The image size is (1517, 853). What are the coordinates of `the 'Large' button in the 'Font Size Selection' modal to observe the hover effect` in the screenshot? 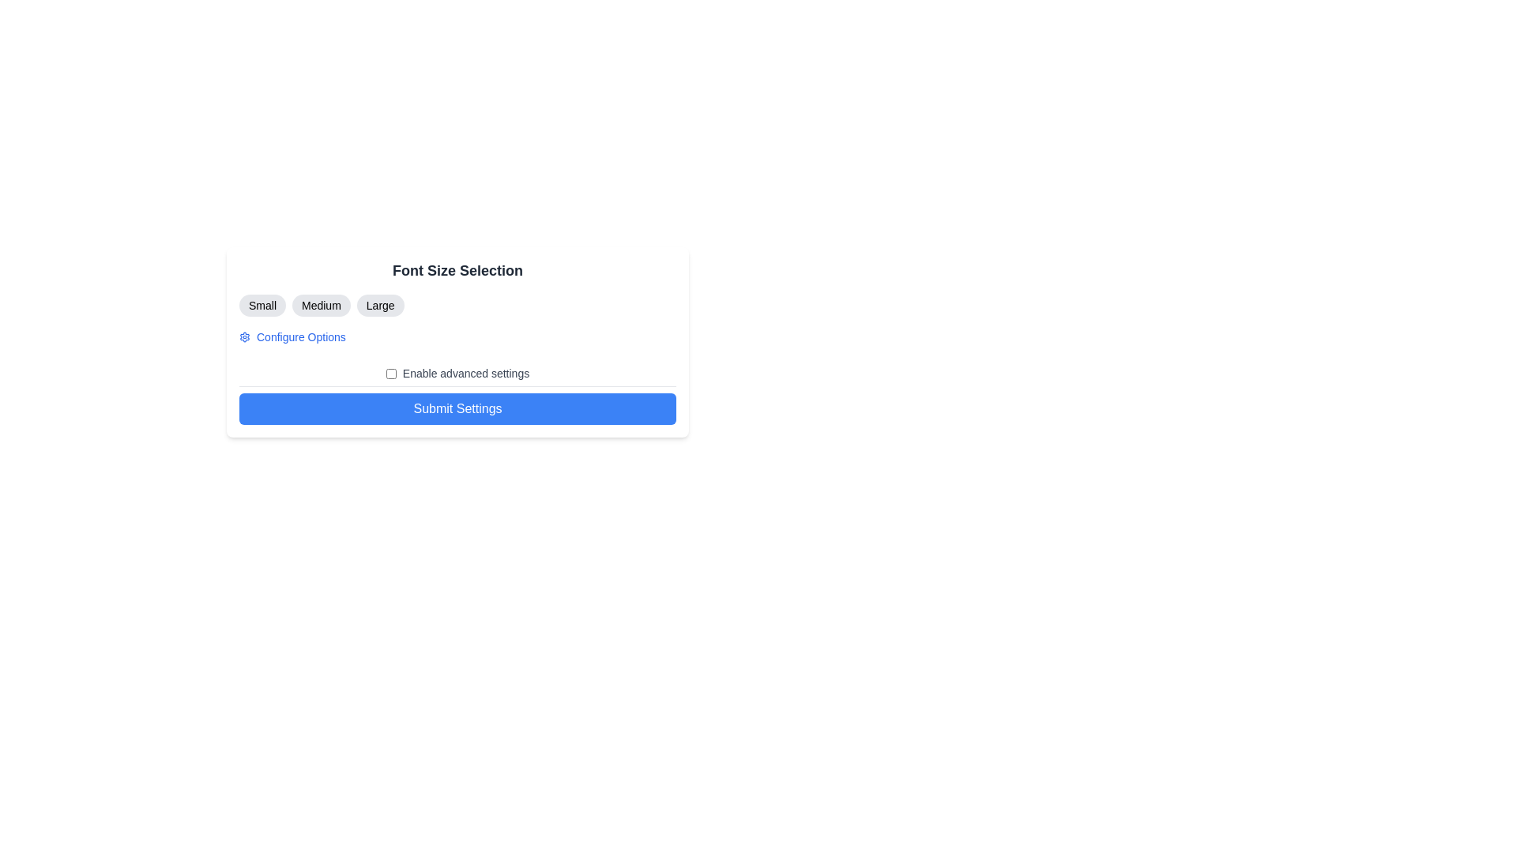 It's located at (380, 305).